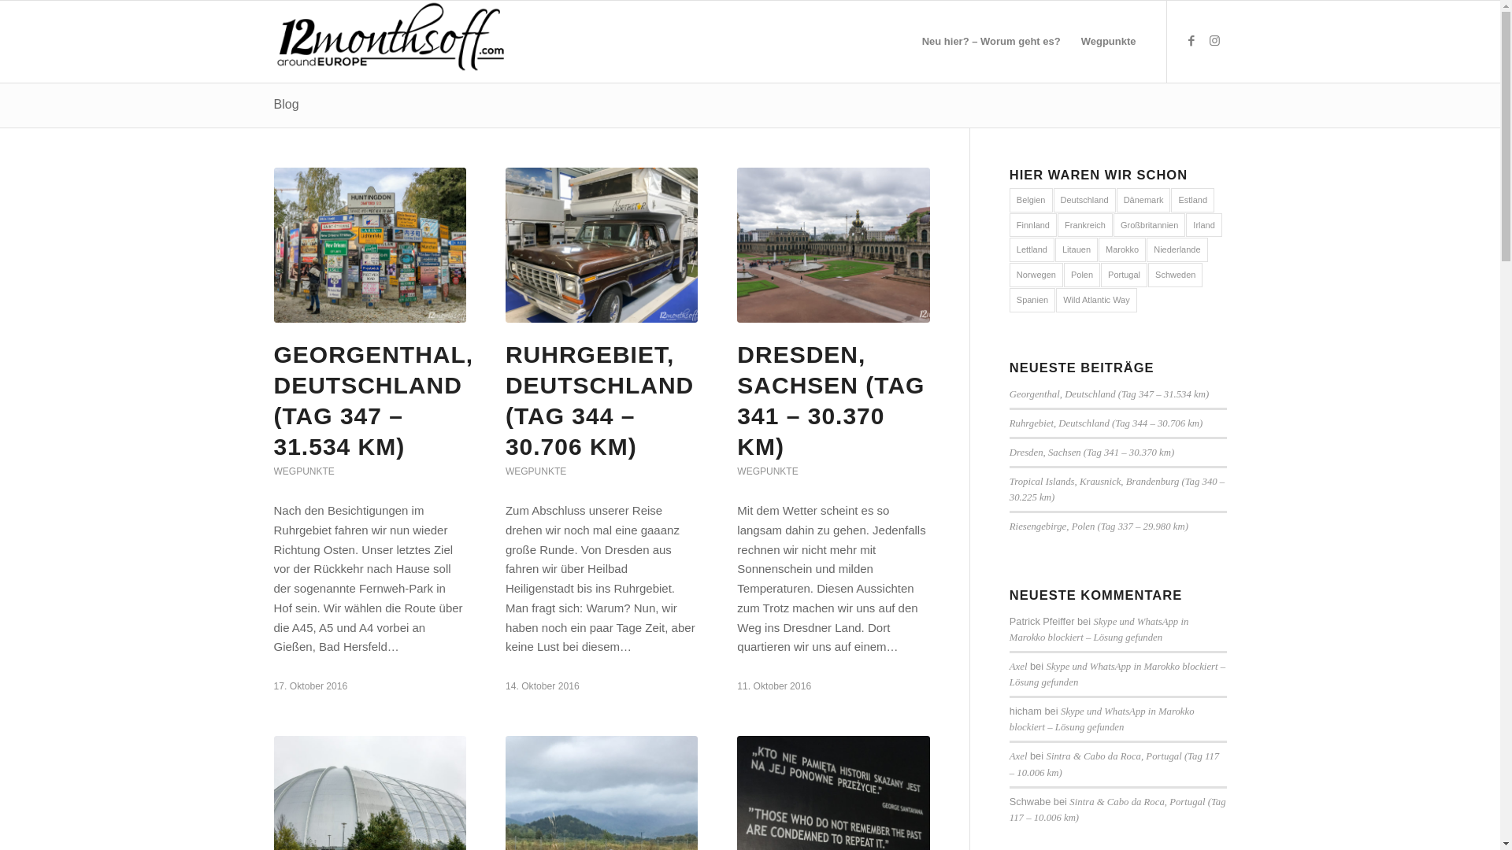 The image size is (1512, 850). Describe the element at coordinates (1192, 199) in the screenshot. I see `'Estland'` at that location.